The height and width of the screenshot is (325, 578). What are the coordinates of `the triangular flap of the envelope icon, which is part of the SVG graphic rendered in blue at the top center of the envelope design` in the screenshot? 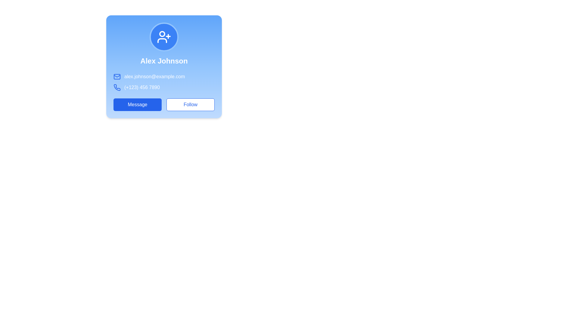 It's located at (117, 75).